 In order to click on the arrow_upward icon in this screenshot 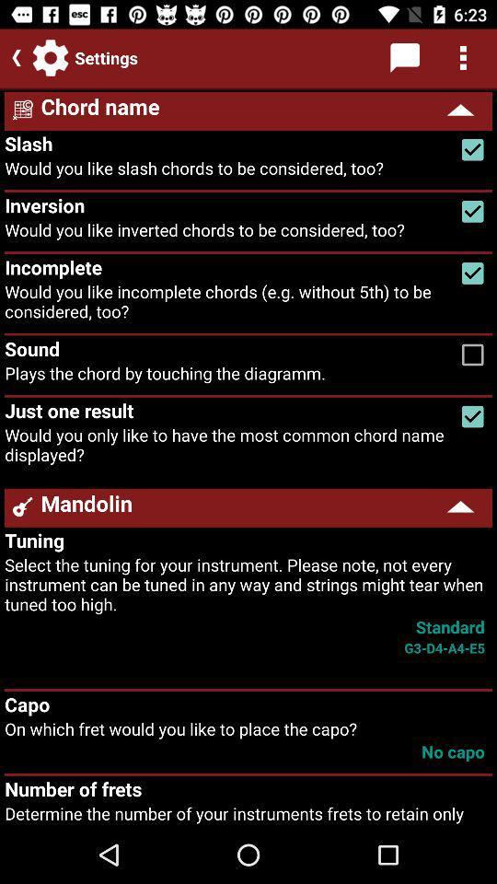, I will do `click(467, 506)`.